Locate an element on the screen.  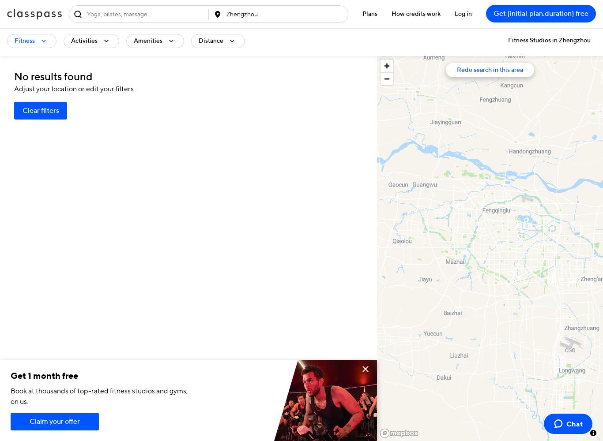
'Get {initial_plan.duration} free' is located at coordinates (493, 14).